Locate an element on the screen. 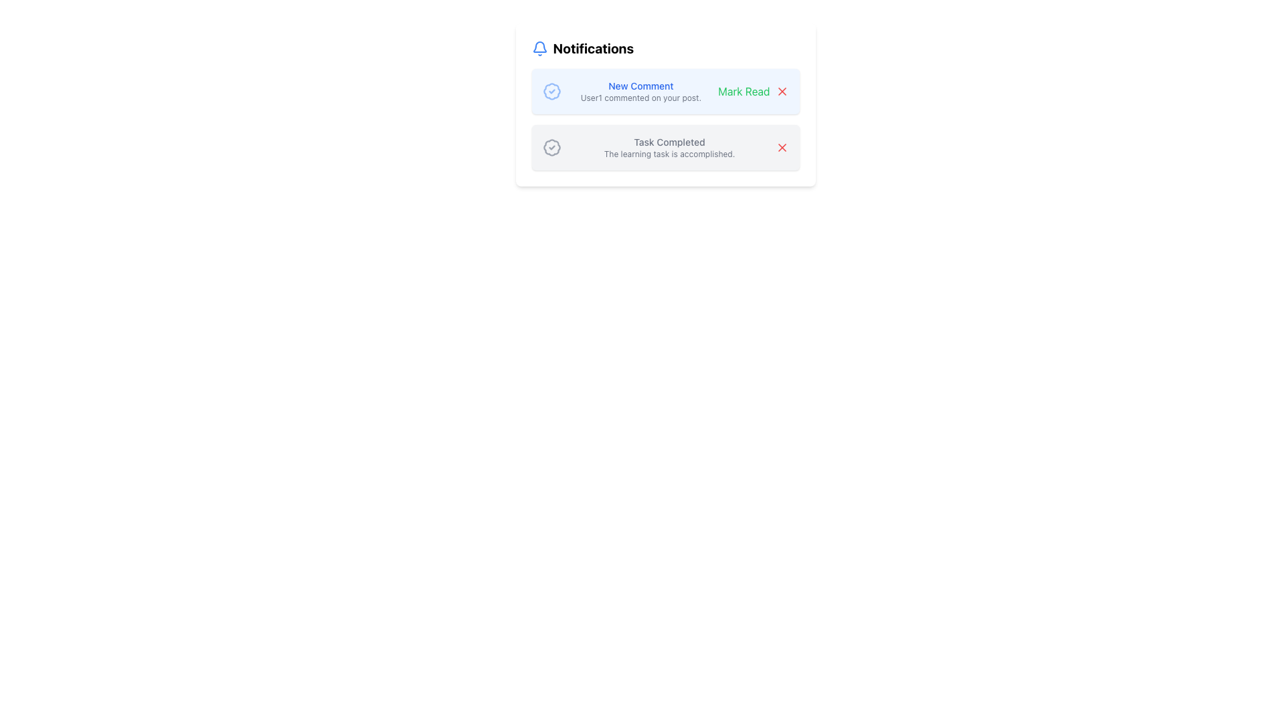  details of the notification block that provides information about task completion, located below the 'New Comment' notification is located at coordinates (665, 147).